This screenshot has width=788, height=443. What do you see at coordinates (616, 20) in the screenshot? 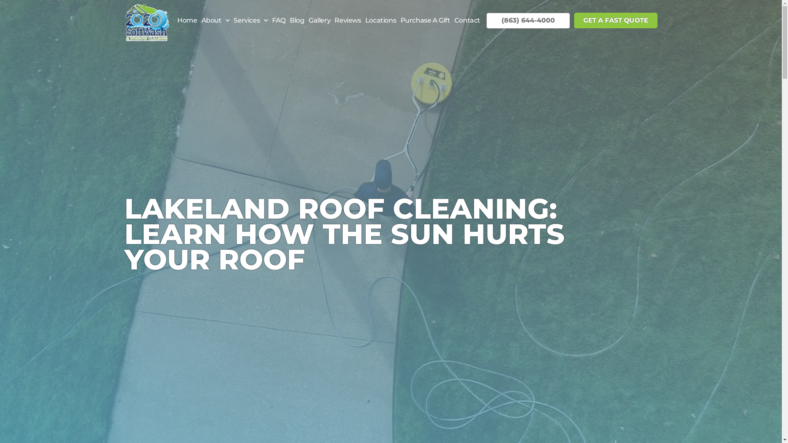
I see `'GET A FAST QUOTE'` at bounding box center [616, 20].